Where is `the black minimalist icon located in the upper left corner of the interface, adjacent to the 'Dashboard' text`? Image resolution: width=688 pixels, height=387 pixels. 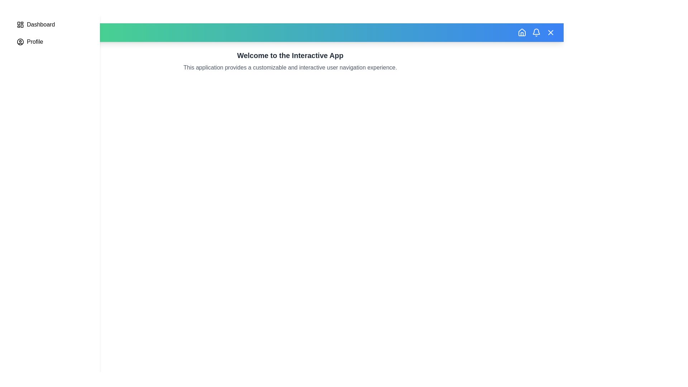
the black minimalist icon located in the upper left corner of the interface, adjacent to the 'Dashboard' text is located at coordinates (20, 24).